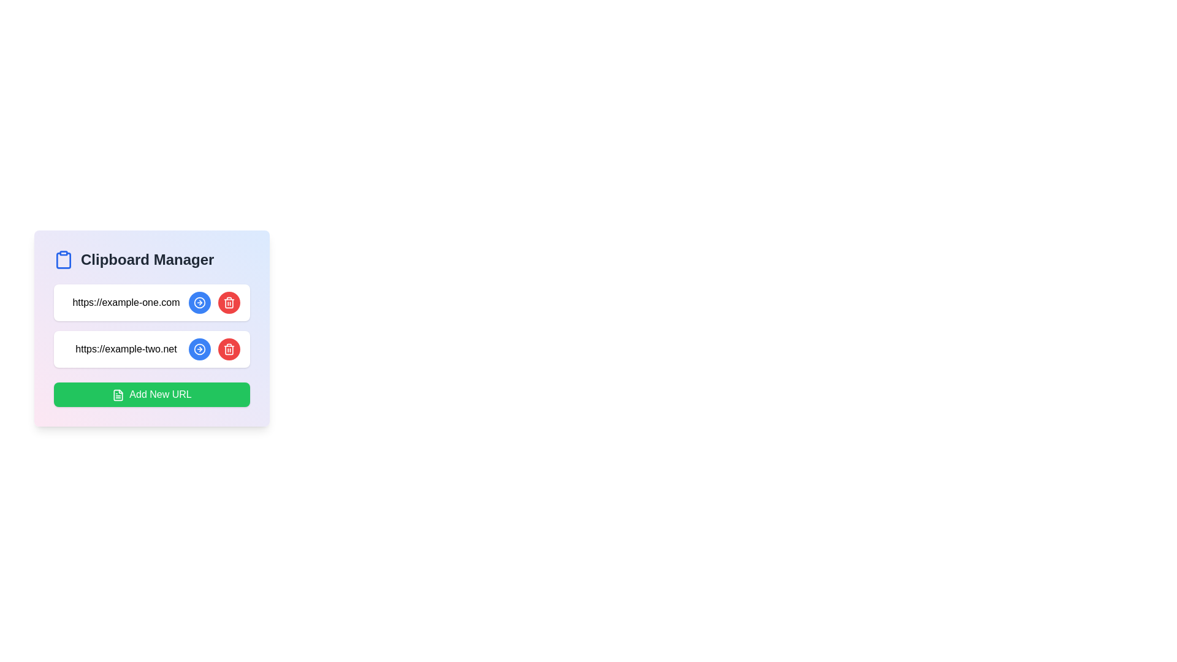  What do you see at coordinates (229, 349) in the screenshot?
I see `the Trash Can icon inside the red circular button` at bounding box center [229, 349].